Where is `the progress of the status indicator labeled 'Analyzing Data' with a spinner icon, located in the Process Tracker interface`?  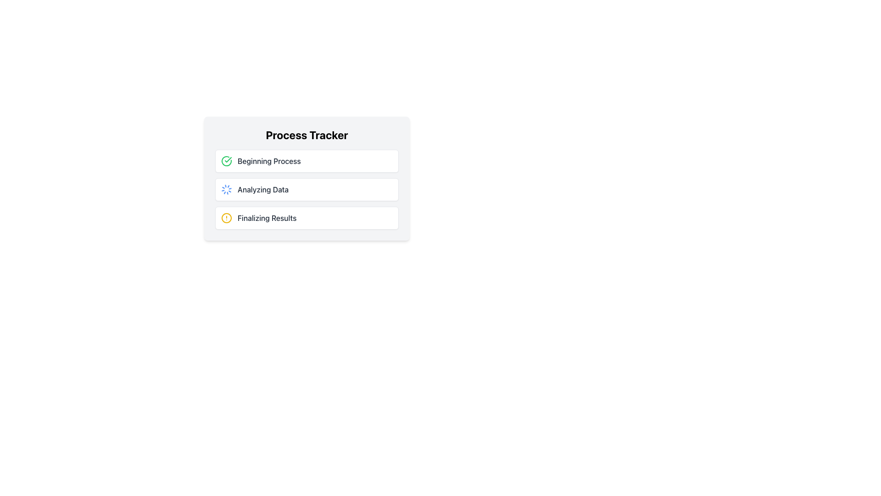 the progress of the status indicator labeled 'Analyzing Data' with a spinner icon, located in the Process Tracker interface is located at coordinates (307, 189).